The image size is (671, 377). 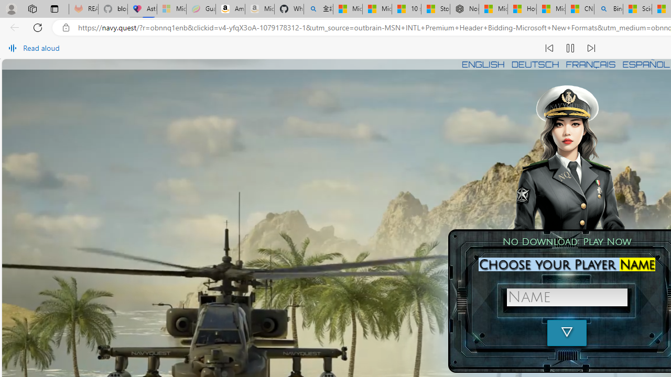 I want to click on 'Back', so click(x=13, y=27).